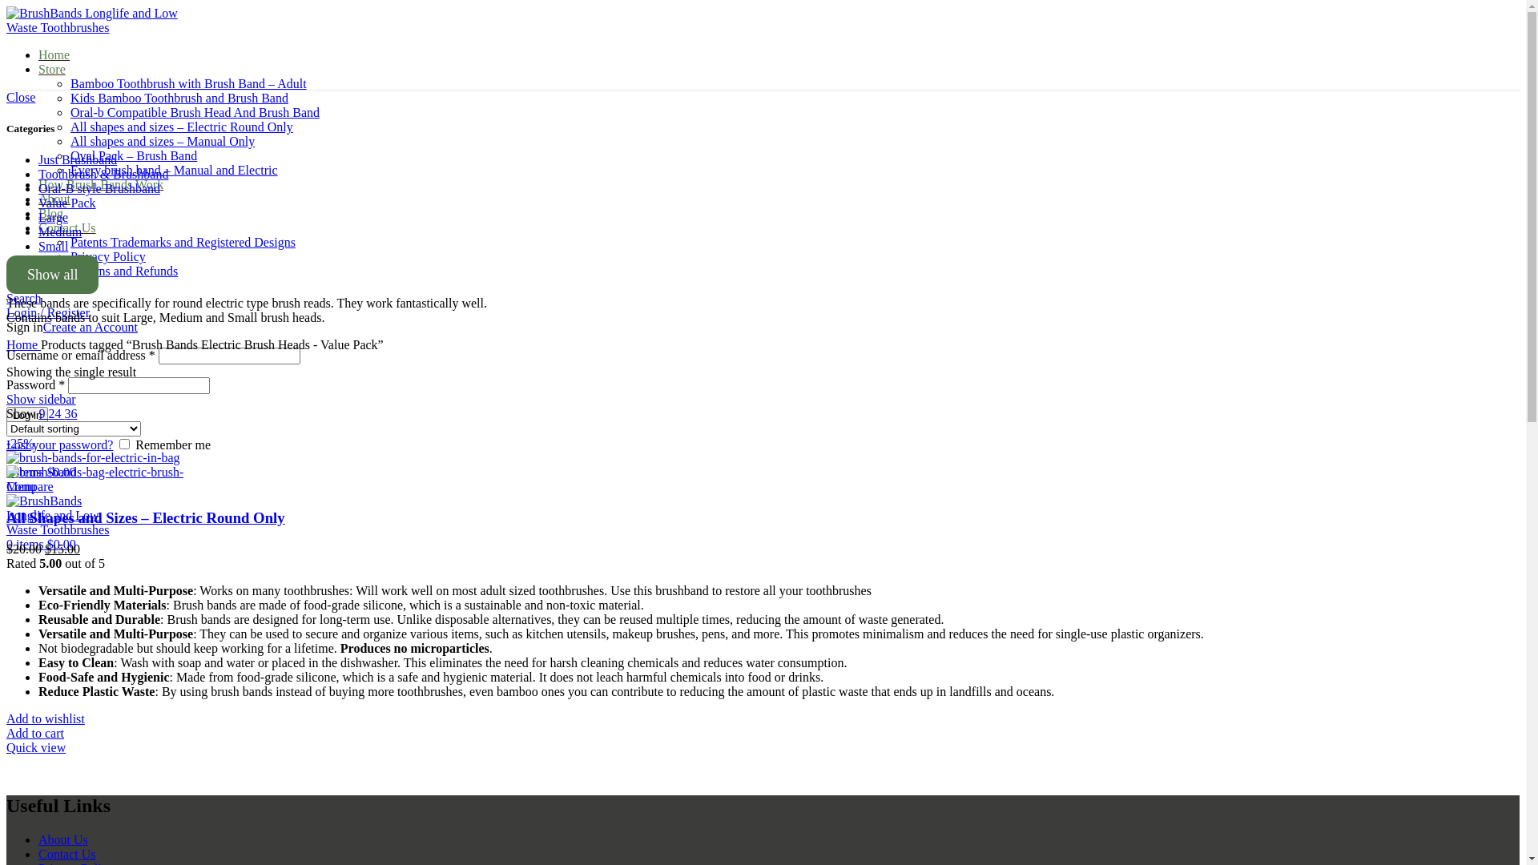 Image resolution: width=1538 pixels, height=865 pixels. I want to click on 'Small', so click(53, 246).